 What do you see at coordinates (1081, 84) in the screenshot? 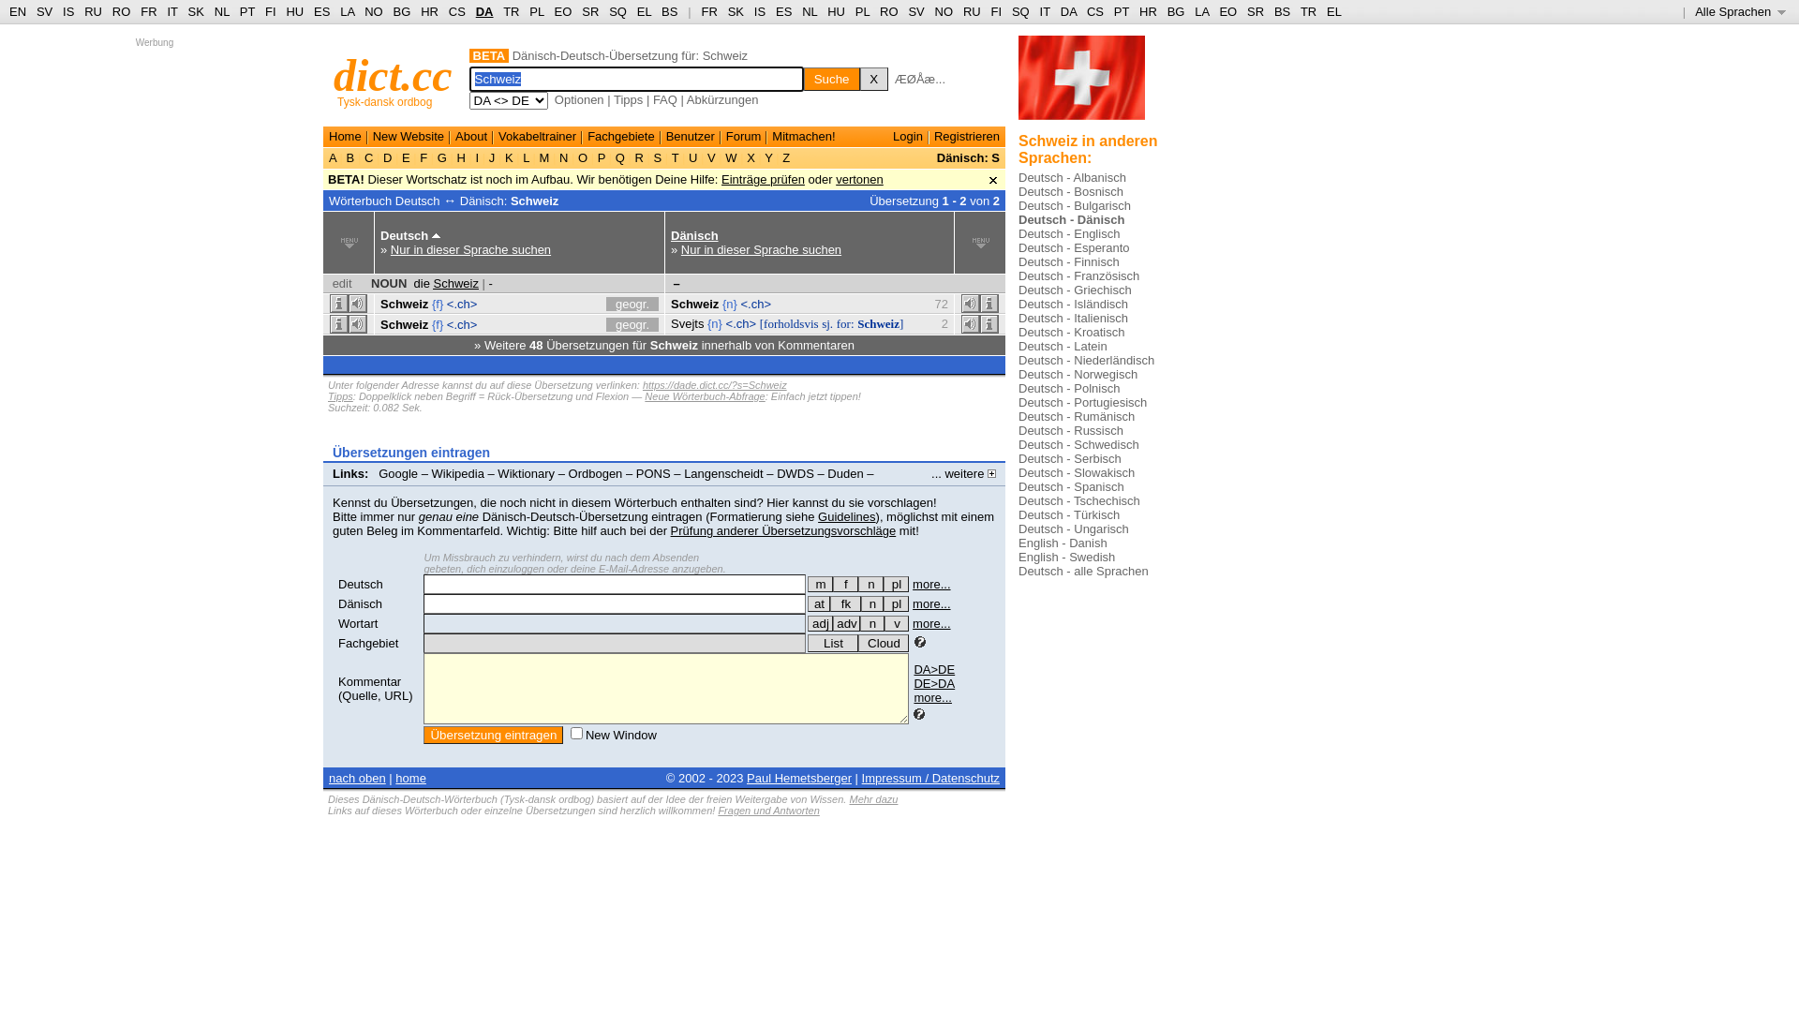
I see `'switzerland flag  three...'` at bounding box center [1081, 84].